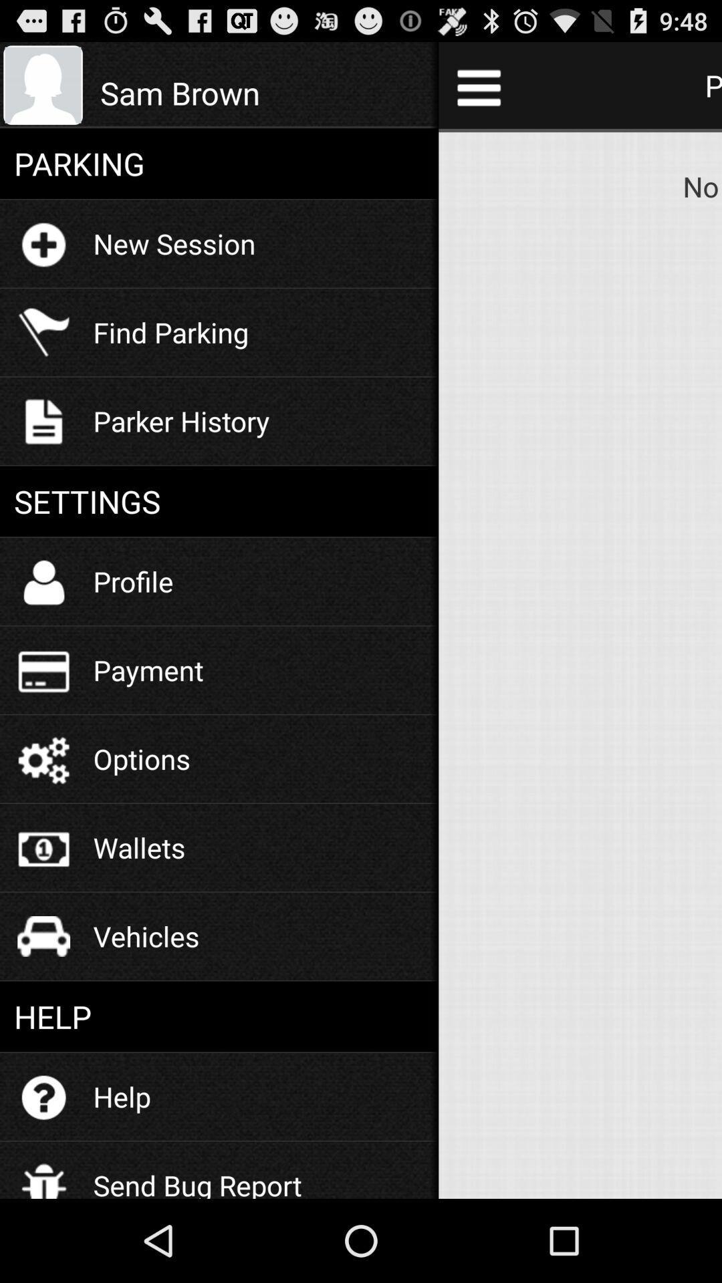 This screenshot has height=1283, width=722. I want to click on the icon above parker history item, so click(170, 332).